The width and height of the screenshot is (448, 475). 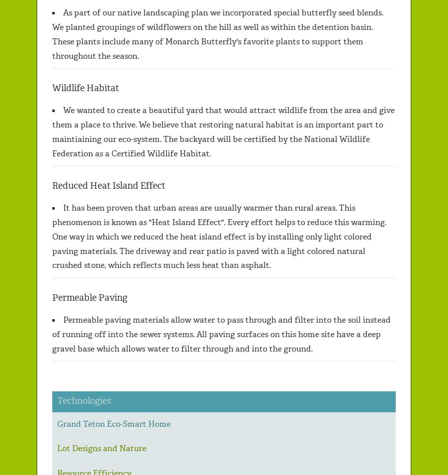 I want to click on 'Reduced Heat Island Effect', so click(x=109, y=186).